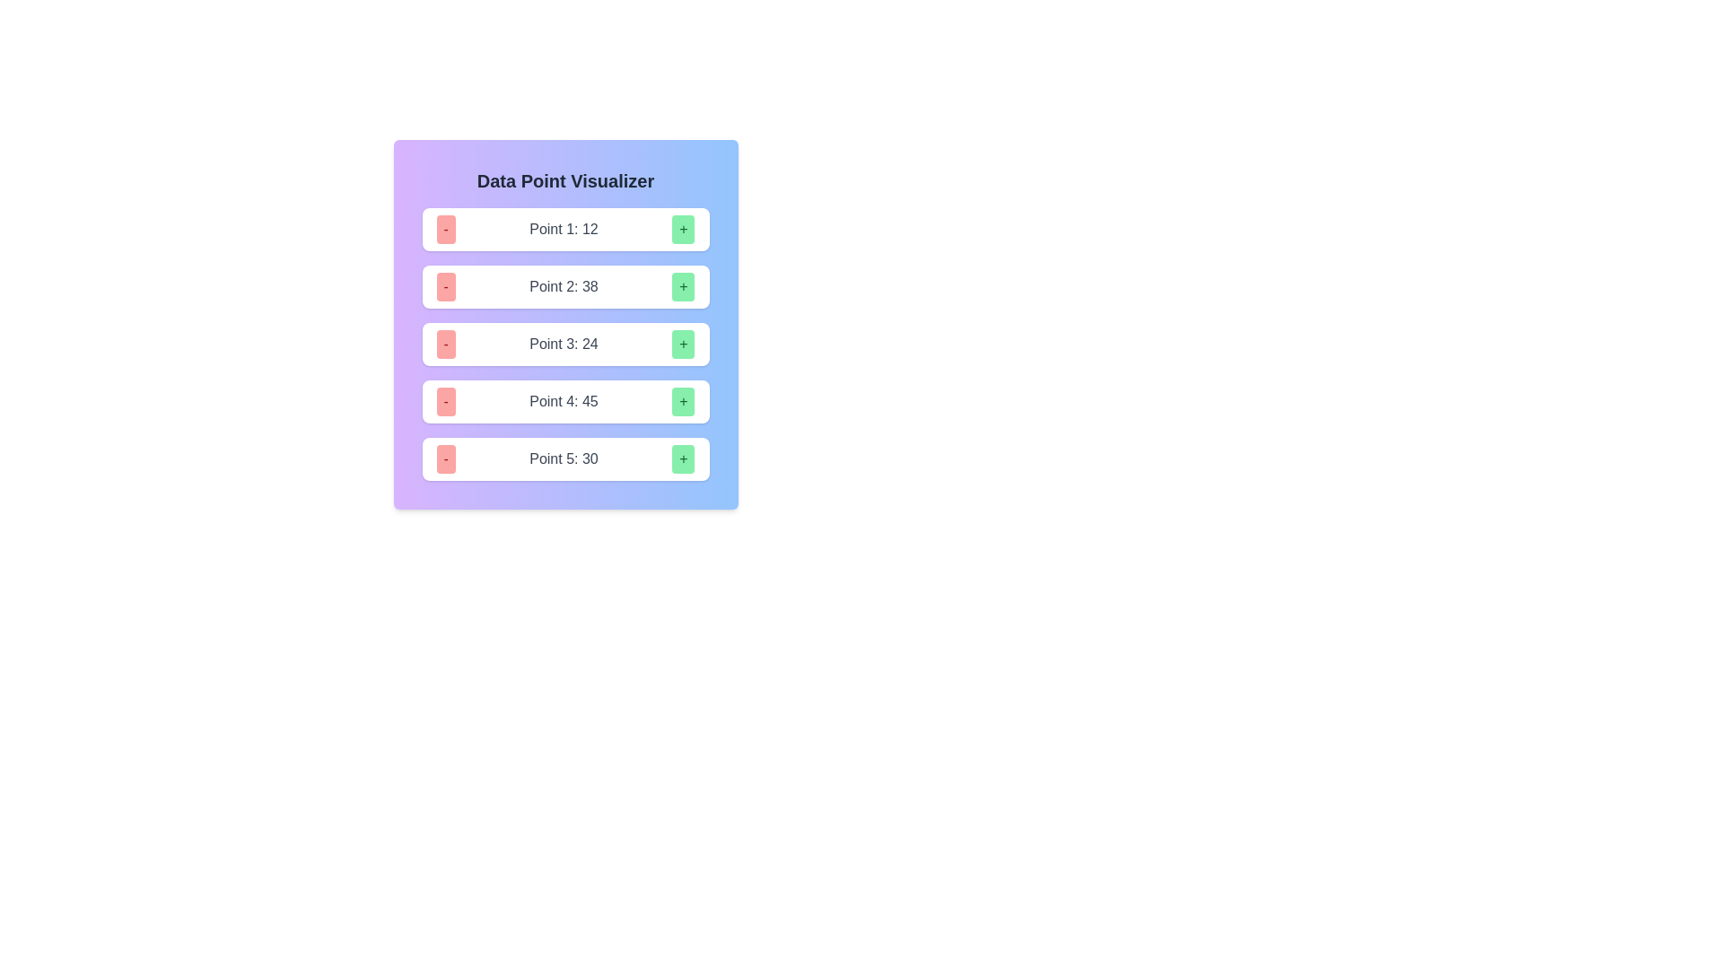 This screenshot has width=1723, height=969. What do you see at coordinates (446, 458) in the screenshot?
I see `the decrement button located in the fifth row of the 'Data Point Visualizer', positioned to the left of 'Point 5: 30'` at bounding box center [446, 458].